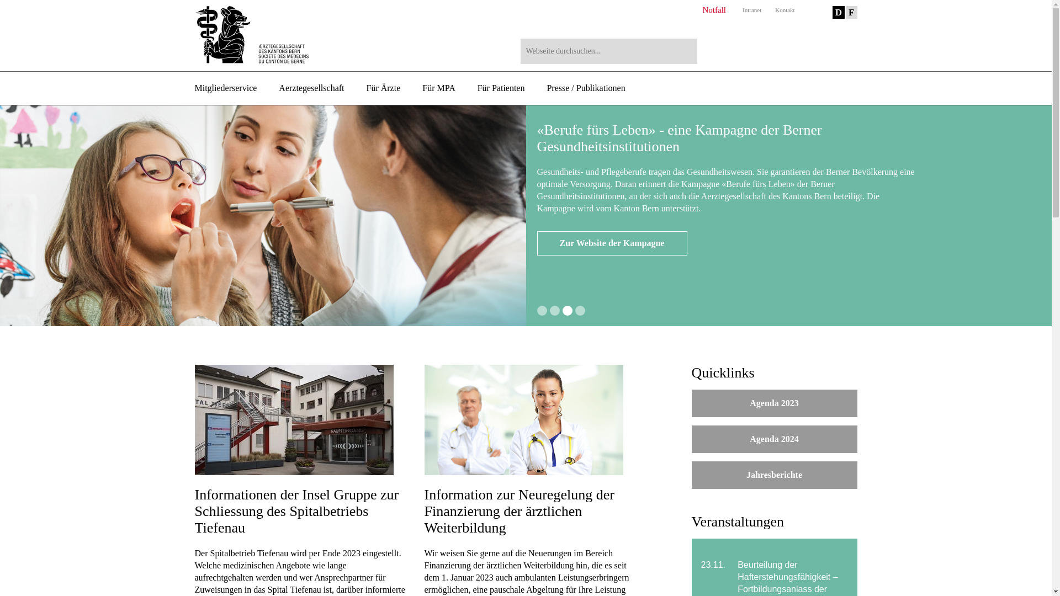  What do you see at coordinates (784, 10) in the screenshot?
I see `'Kontakt'` at bounding box center [784, 10].